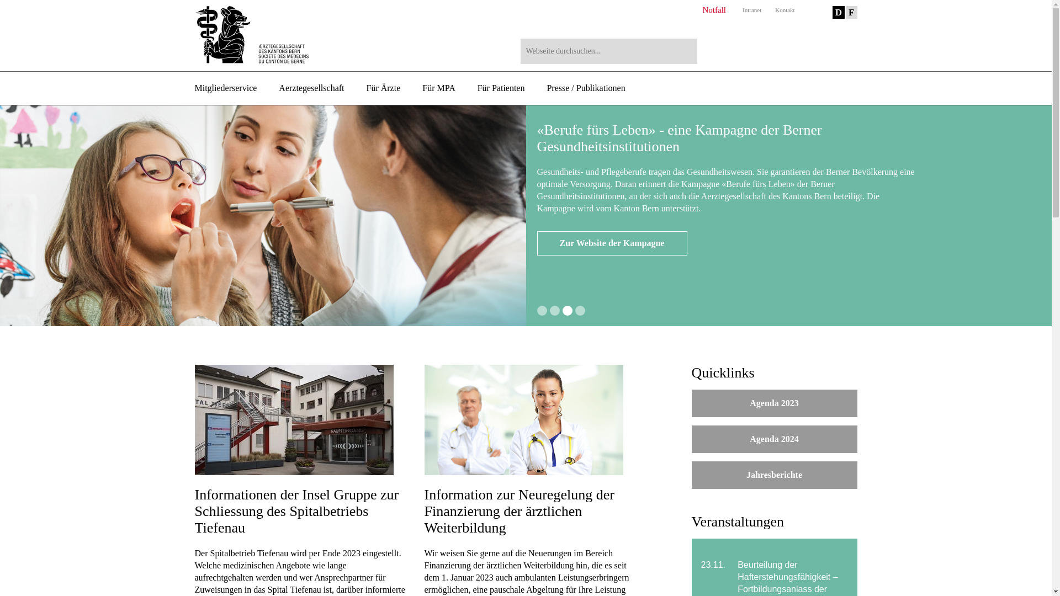  What do you see at coordinates (784, 10) in the screenshot?
I see `'Kontakt'` at bounding box center [784, 10].